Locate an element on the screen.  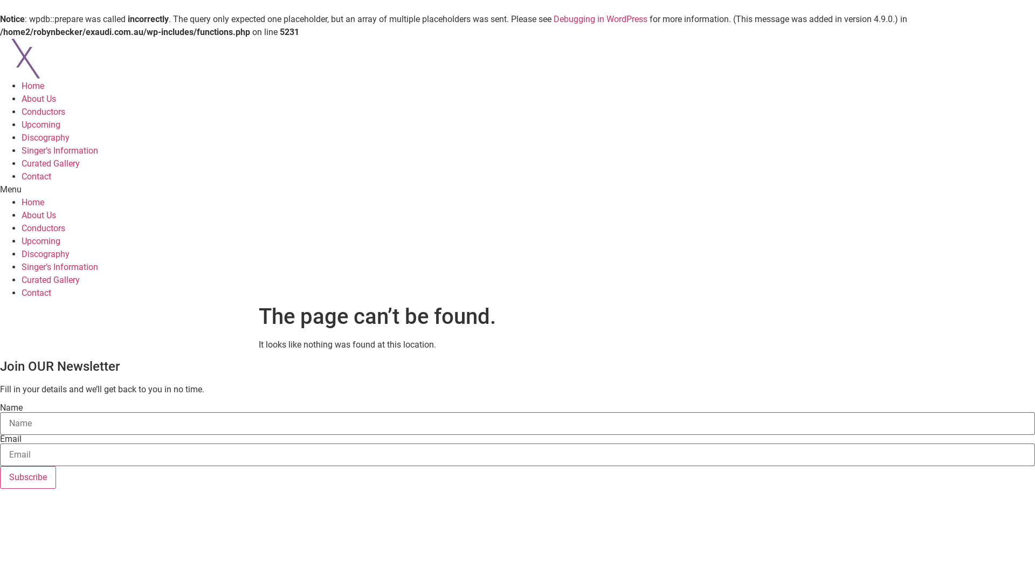
'Debugging in WordPress' is located at coordinates (554, 19).